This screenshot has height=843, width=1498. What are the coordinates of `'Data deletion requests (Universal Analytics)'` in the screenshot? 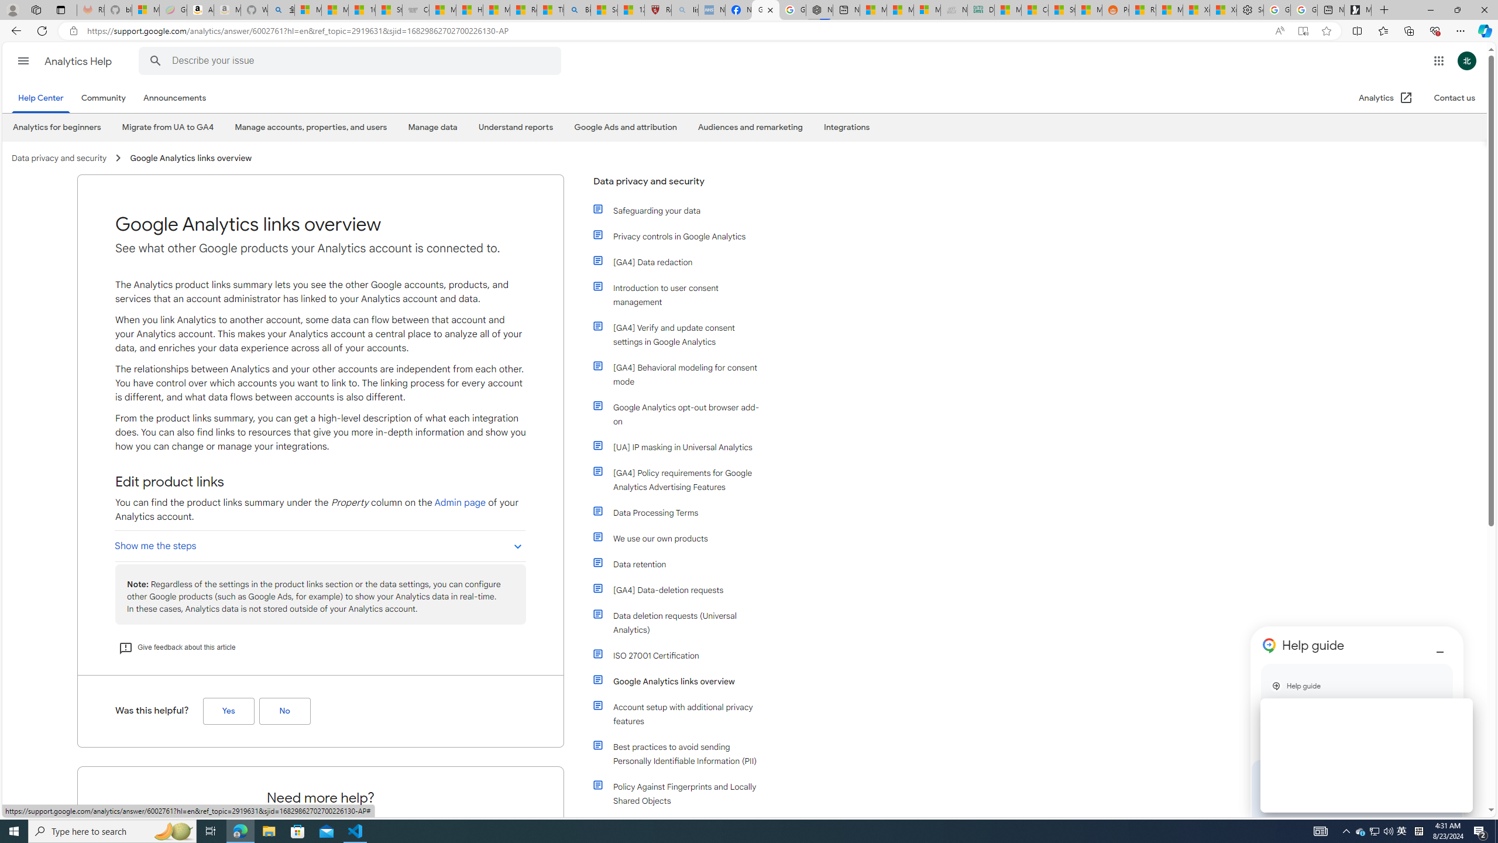 It's located at (677, 622).